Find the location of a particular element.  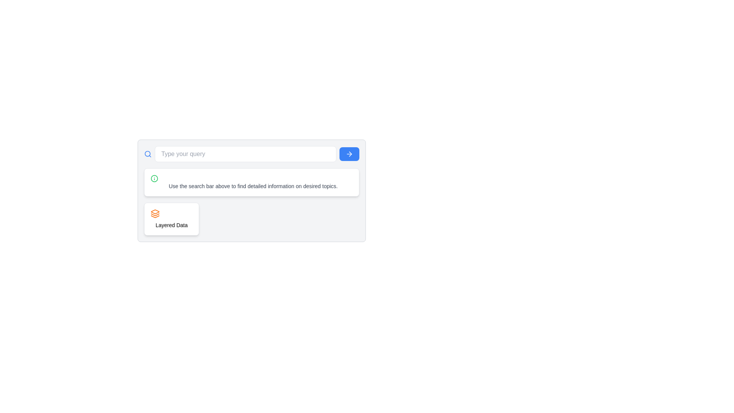

the Decorative graphic element of the SVG icon, which is the top layer of a stack representing data layers, located near the center-right part of the interface beneath the search bar is located at coordinates (155, 212).